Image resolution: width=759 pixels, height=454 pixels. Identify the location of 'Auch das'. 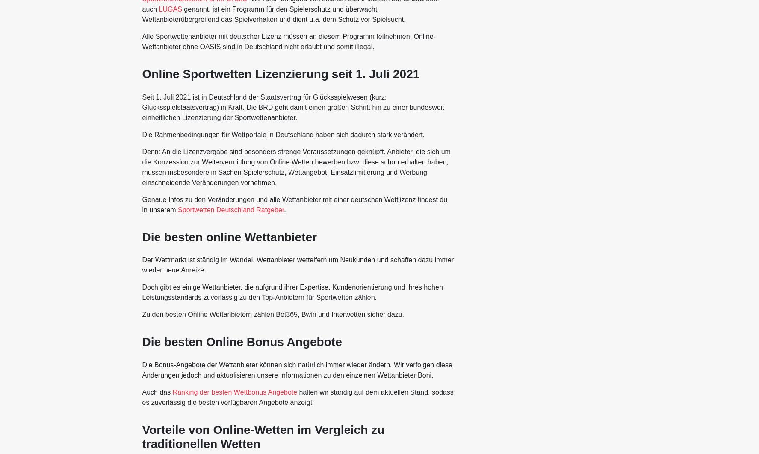
(157, 391).